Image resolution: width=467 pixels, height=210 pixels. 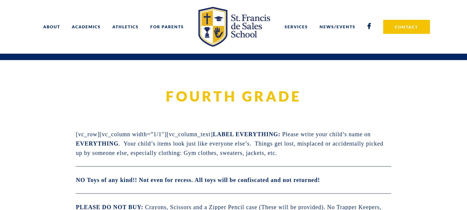 I want to click on 'FIFTH GRADE', so click(x=187, y=76).